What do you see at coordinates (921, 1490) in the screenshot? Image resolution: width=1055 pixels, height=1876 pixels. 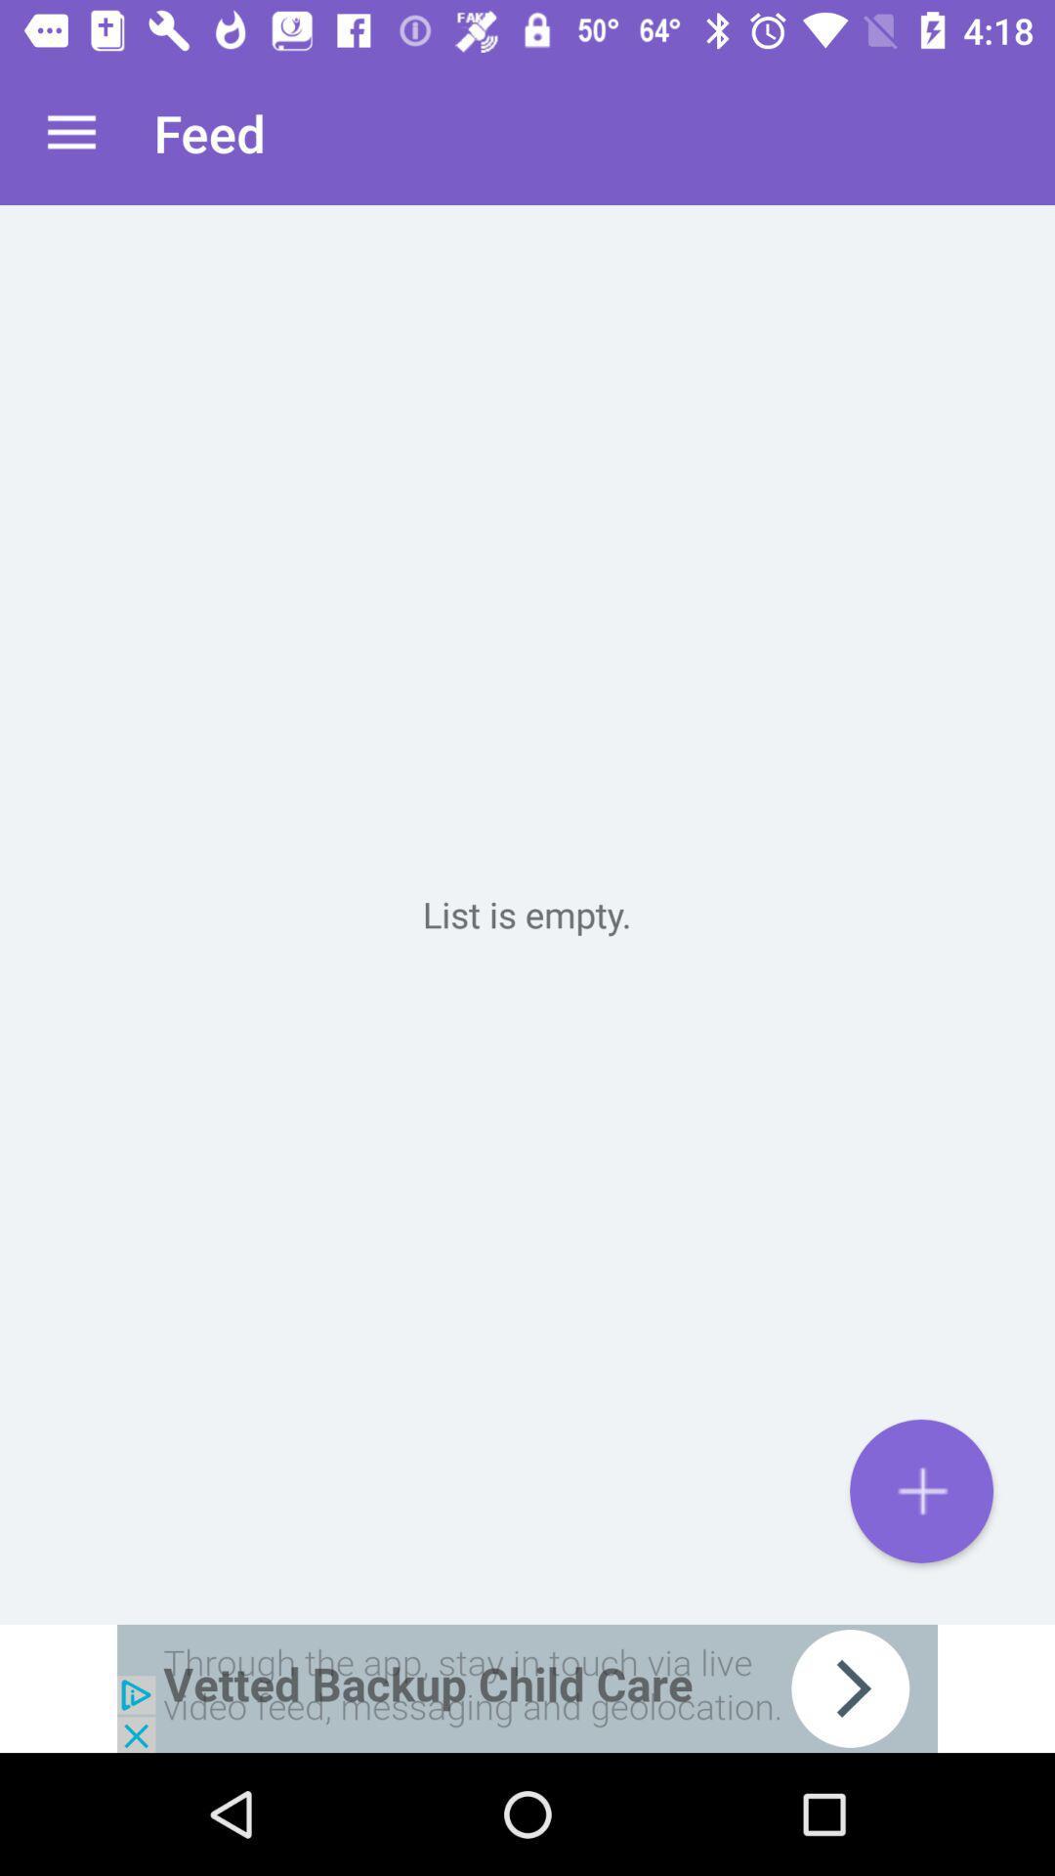 I see `increase` at bounding box center [921, 1490].